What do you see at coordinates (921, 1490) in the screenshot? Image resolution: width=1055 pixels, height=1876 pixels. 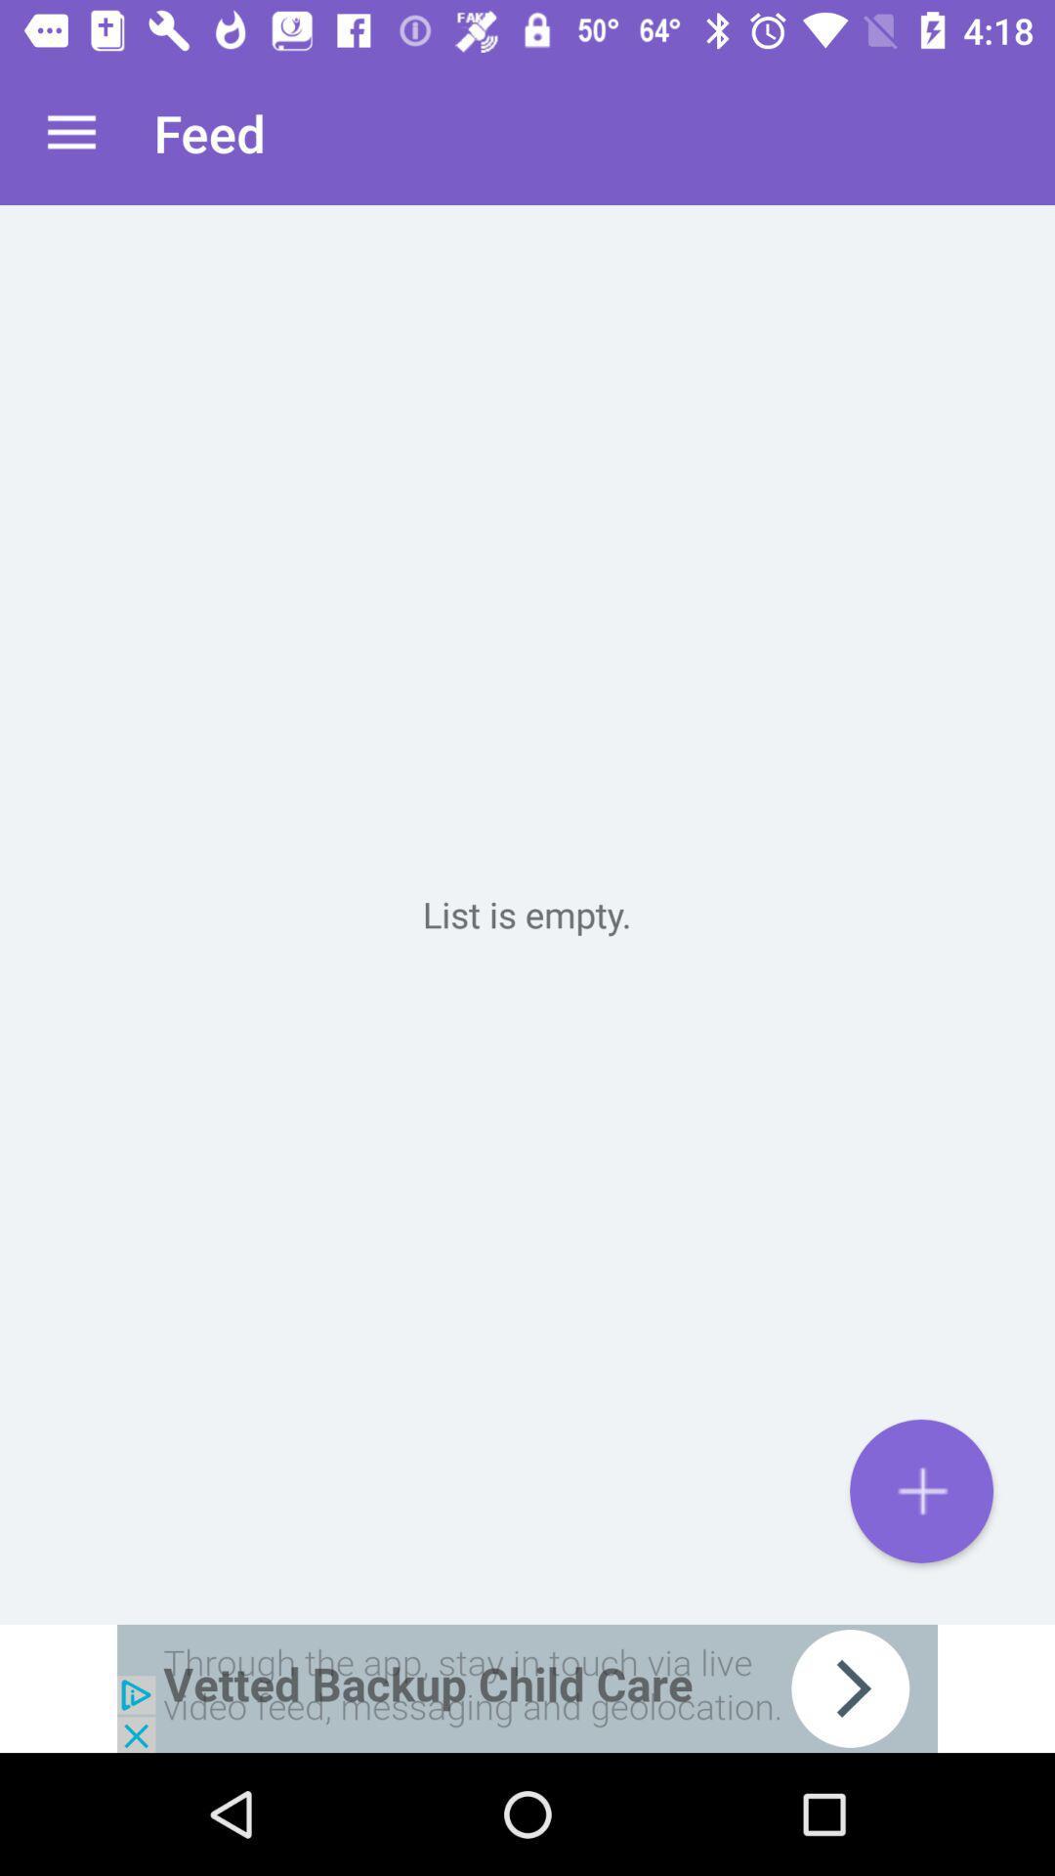 I see `increase` at bounding box center [921, 1490].